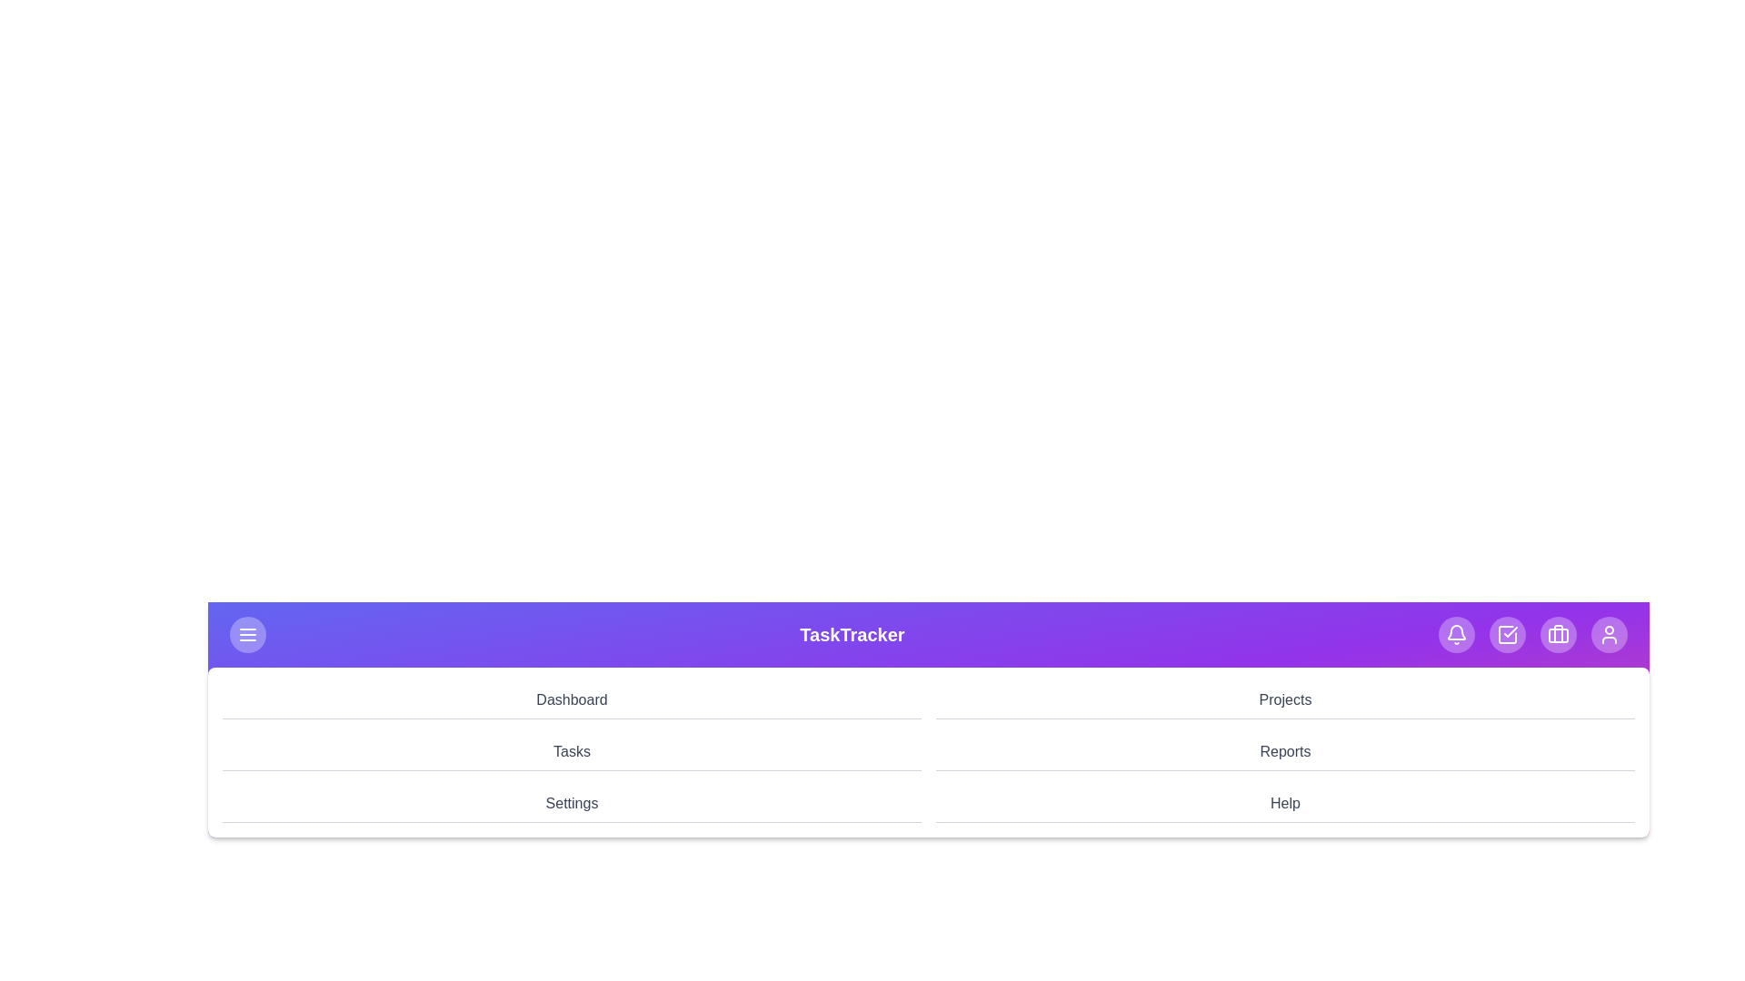 The width and height of the screenshot is (1745, 981). What do you see at coordinates (1284, 803) in the screenshot?
I see `the navigation menu item Help` at bounding box center [1284, 803].